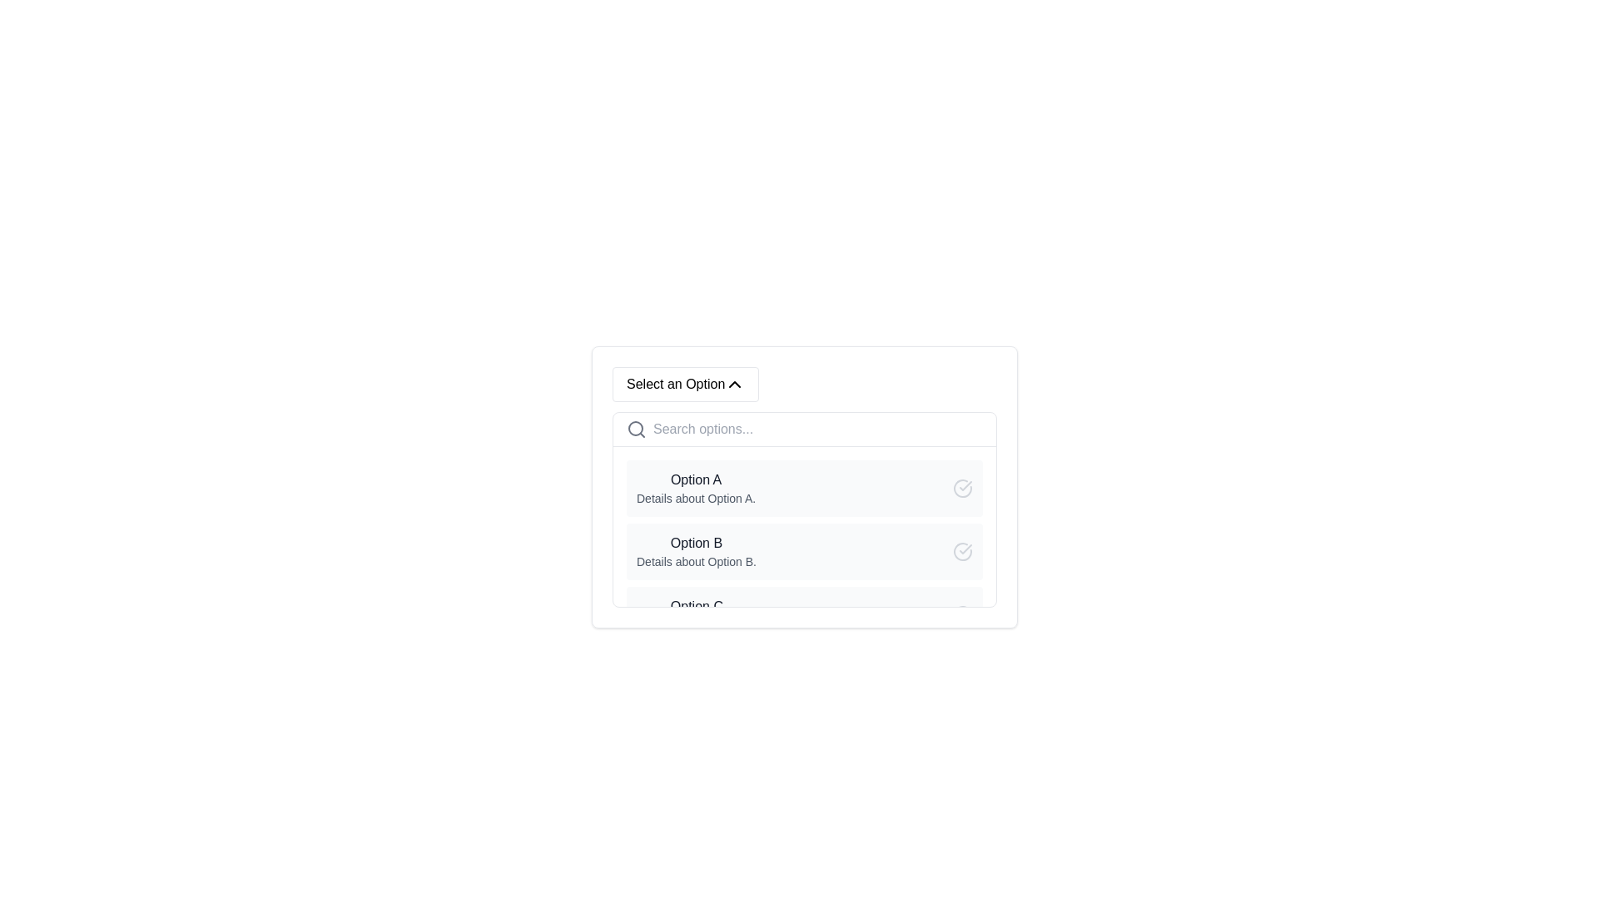  I want to click on the Dropdown option element titled 'Option A', so click(804, 487).